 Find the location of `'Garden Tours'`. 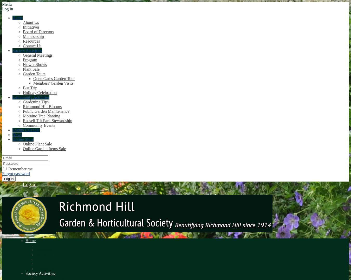

'Garden Tours' is located at coordinates (34, 74).